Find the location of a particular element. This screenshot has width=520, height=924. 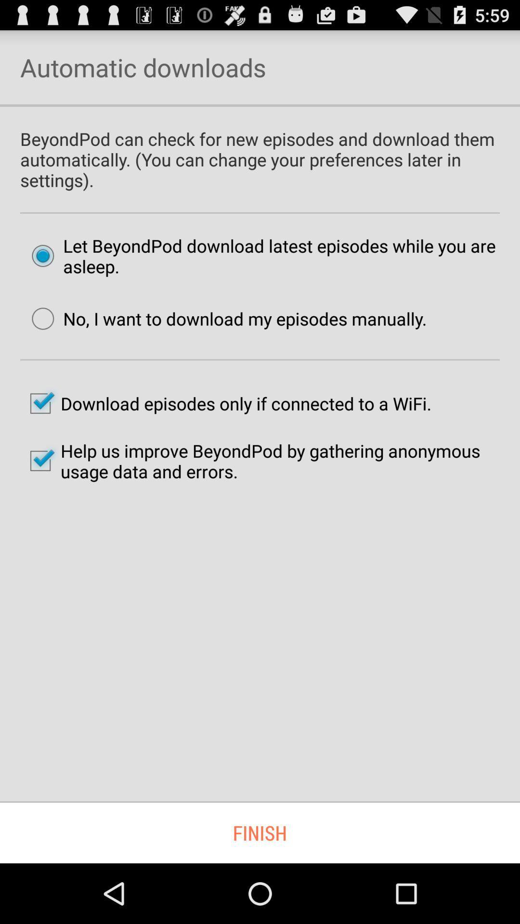

item below the let beyondpod download is located at coordinates (224, 319).